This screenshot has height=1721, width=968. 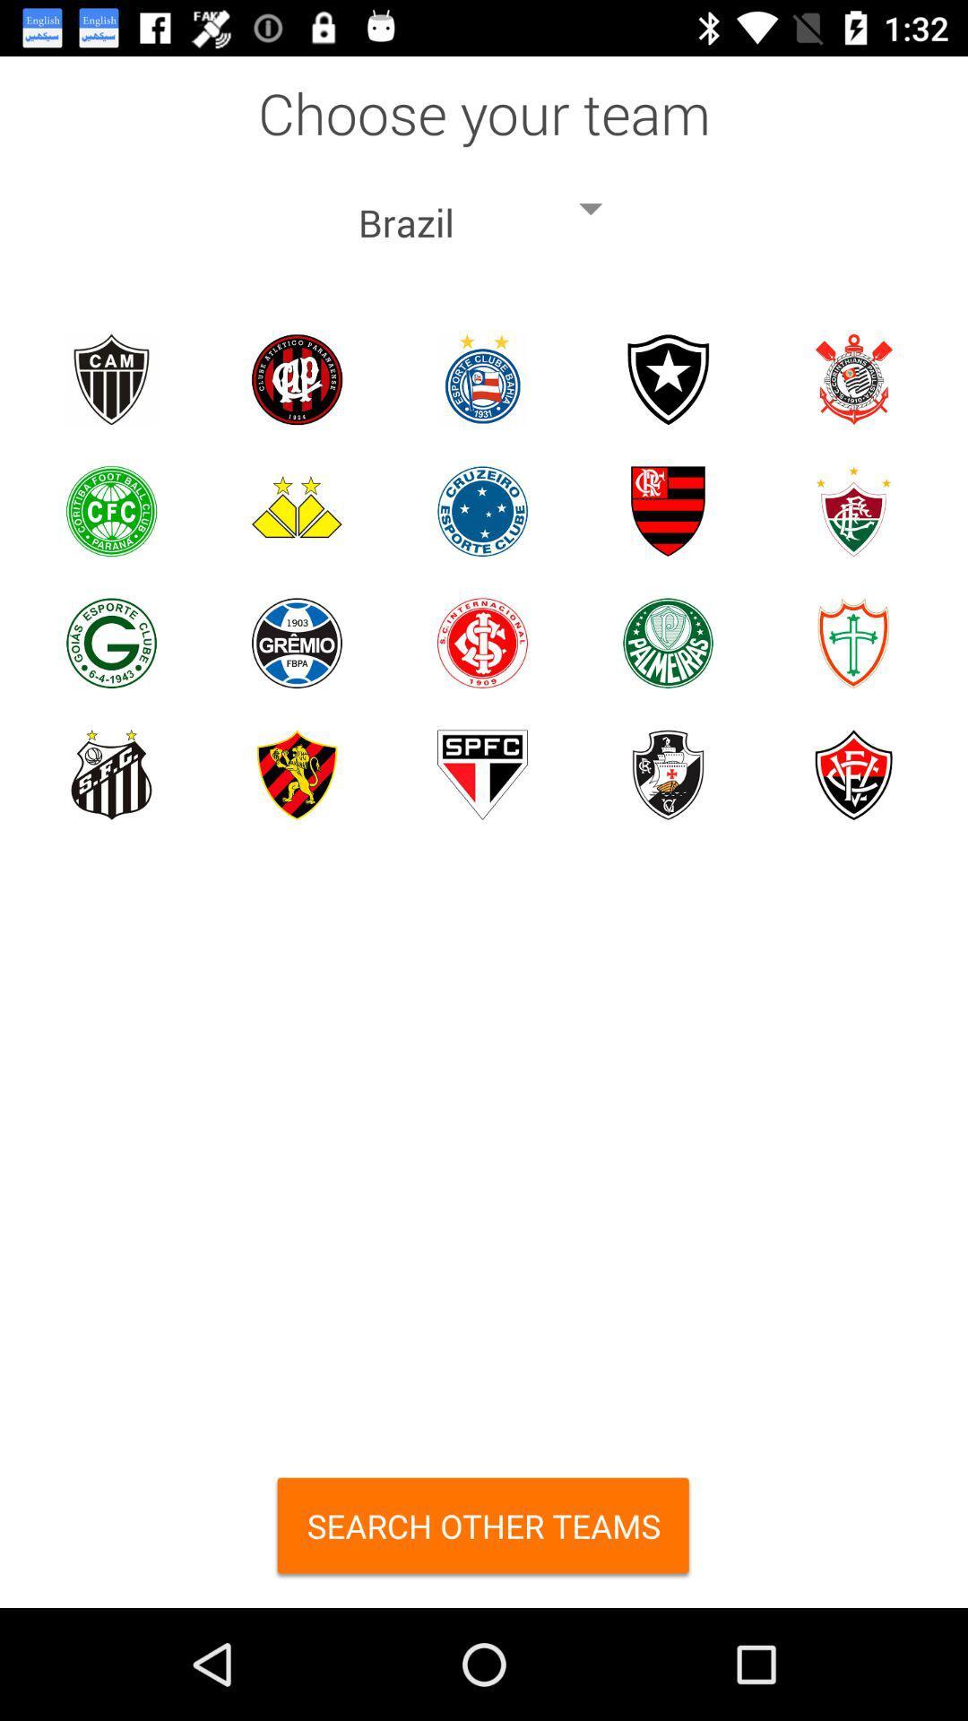 I want to click on shield, so click(x=668, y=510).